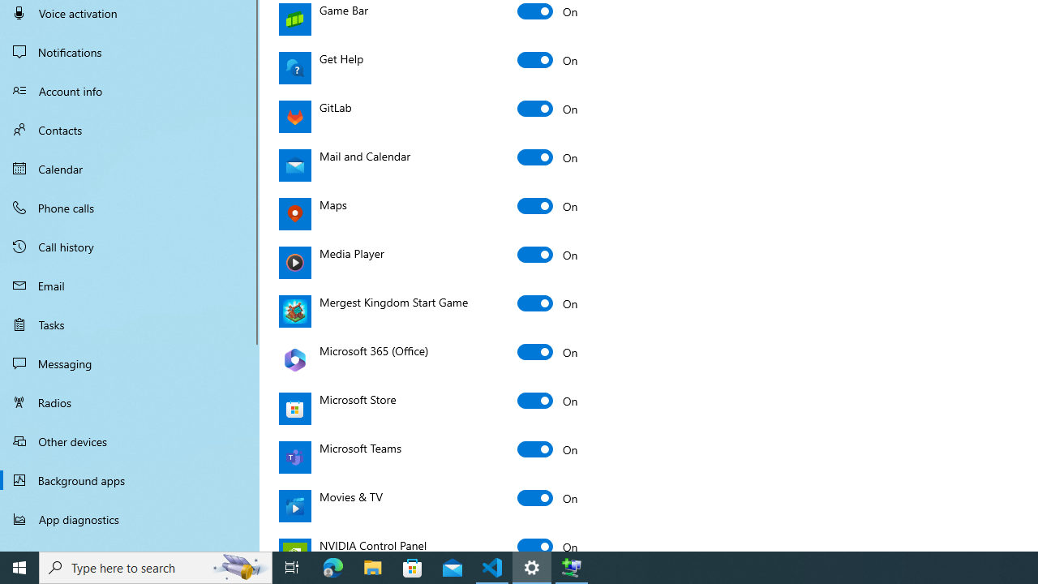 This screenshot has width=1038, height=584. I want to click on 'Background apps', so click(130, 479).